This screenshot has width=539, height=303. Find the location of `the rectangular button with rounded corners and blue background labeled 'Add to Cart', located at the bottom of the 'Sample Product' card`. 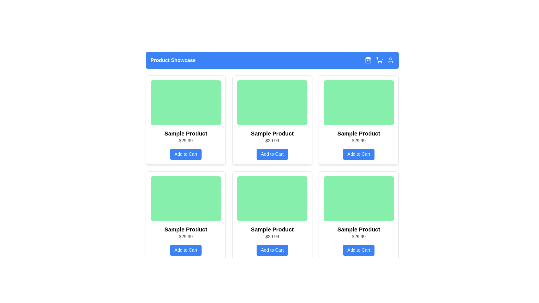

the rectangular button with rounded corners and blue background labeled 'Add to Cart', located at the bottom of the 'Sample Product' card is located at coordinates (272, 154).